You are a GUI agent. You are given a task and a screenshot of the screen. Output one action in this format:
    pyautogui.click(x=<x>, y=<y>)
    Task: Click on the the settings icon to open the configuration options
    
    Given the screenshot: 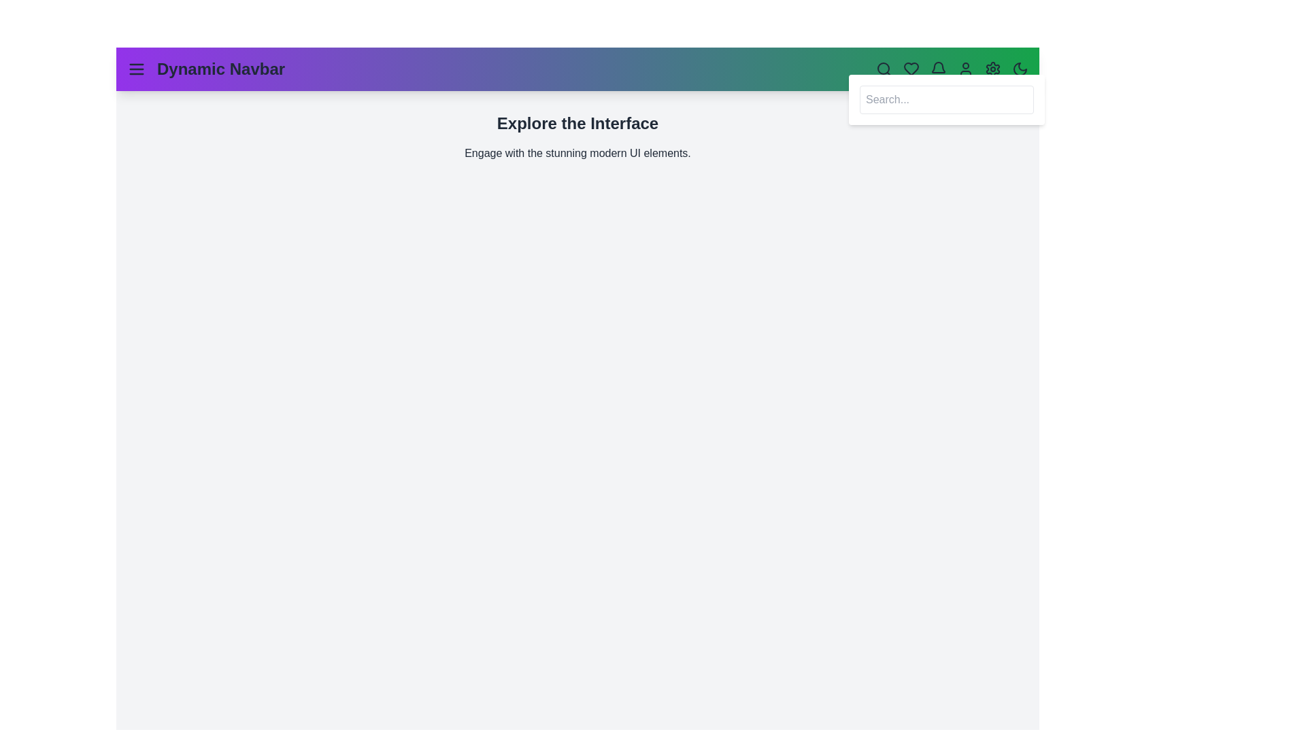 What is the action you would take?
    pyautogui.click(x=992, y=69)
    